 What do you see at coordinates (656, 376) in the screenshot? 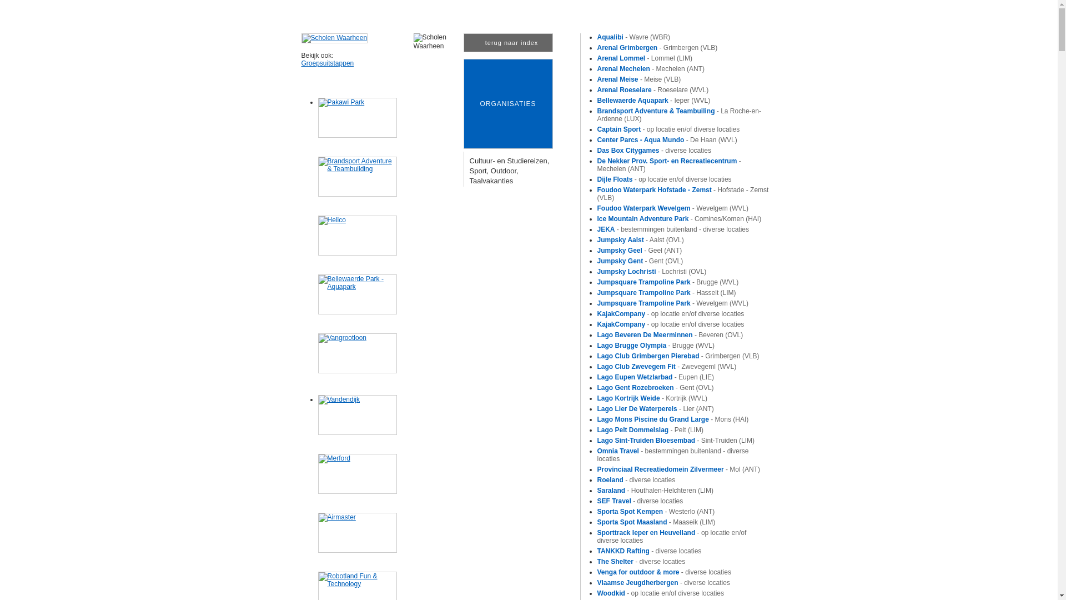
I see `'Lago Eupen Wetzlarbad - Eupen (LIE)'` at bounding box center [656, 376].